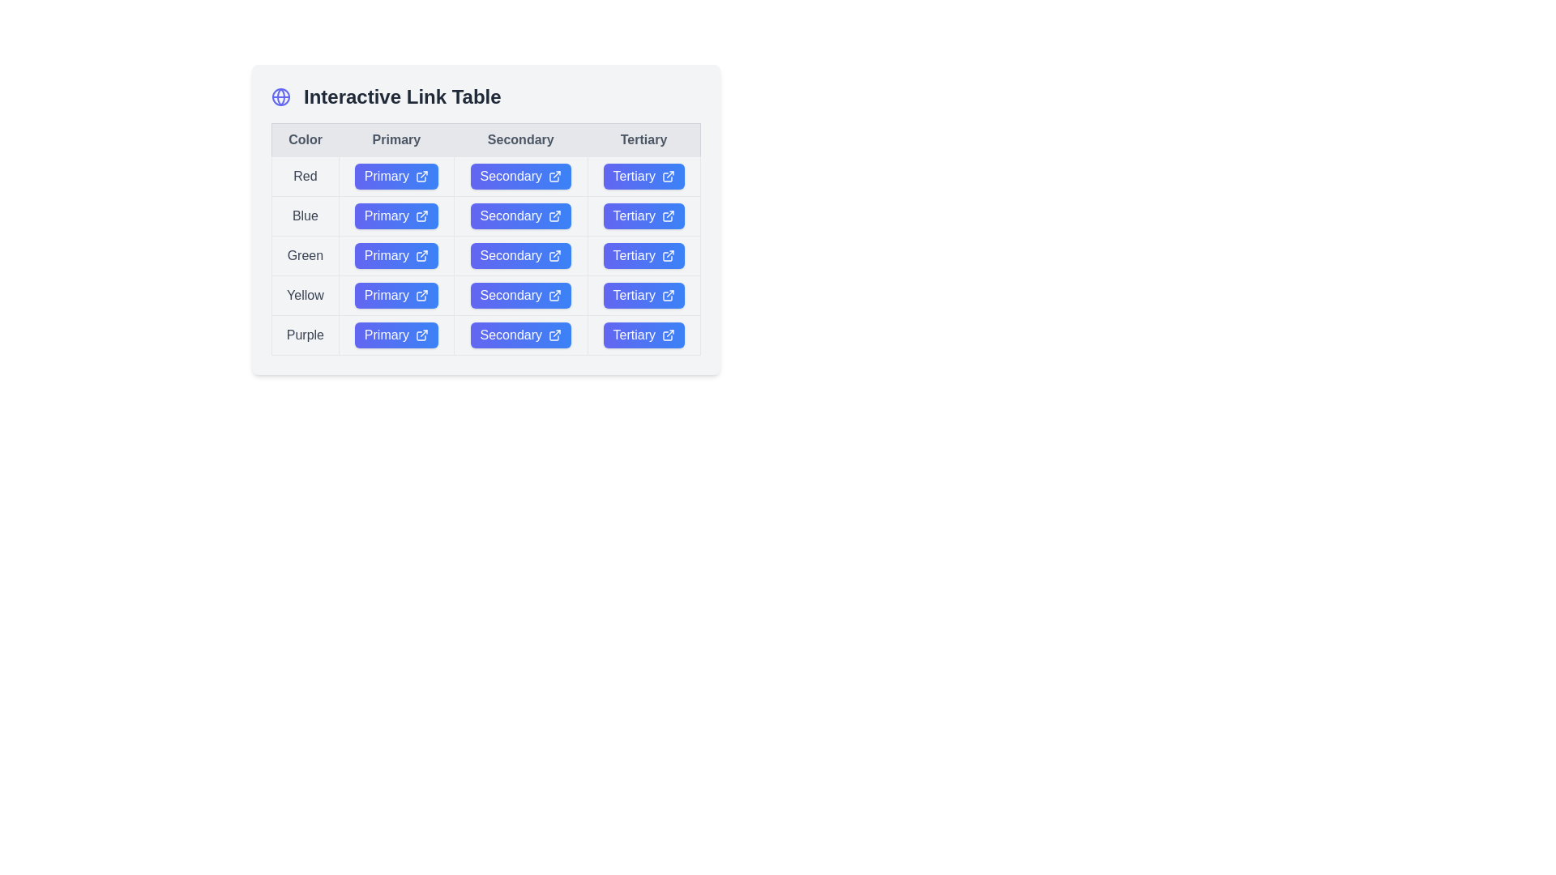 The height and width of the screenshot is (875, 1556). I want to click on the 'Red' button located under the 'Secondary' column in the first row for keyboard interaction, so click(520, 177).